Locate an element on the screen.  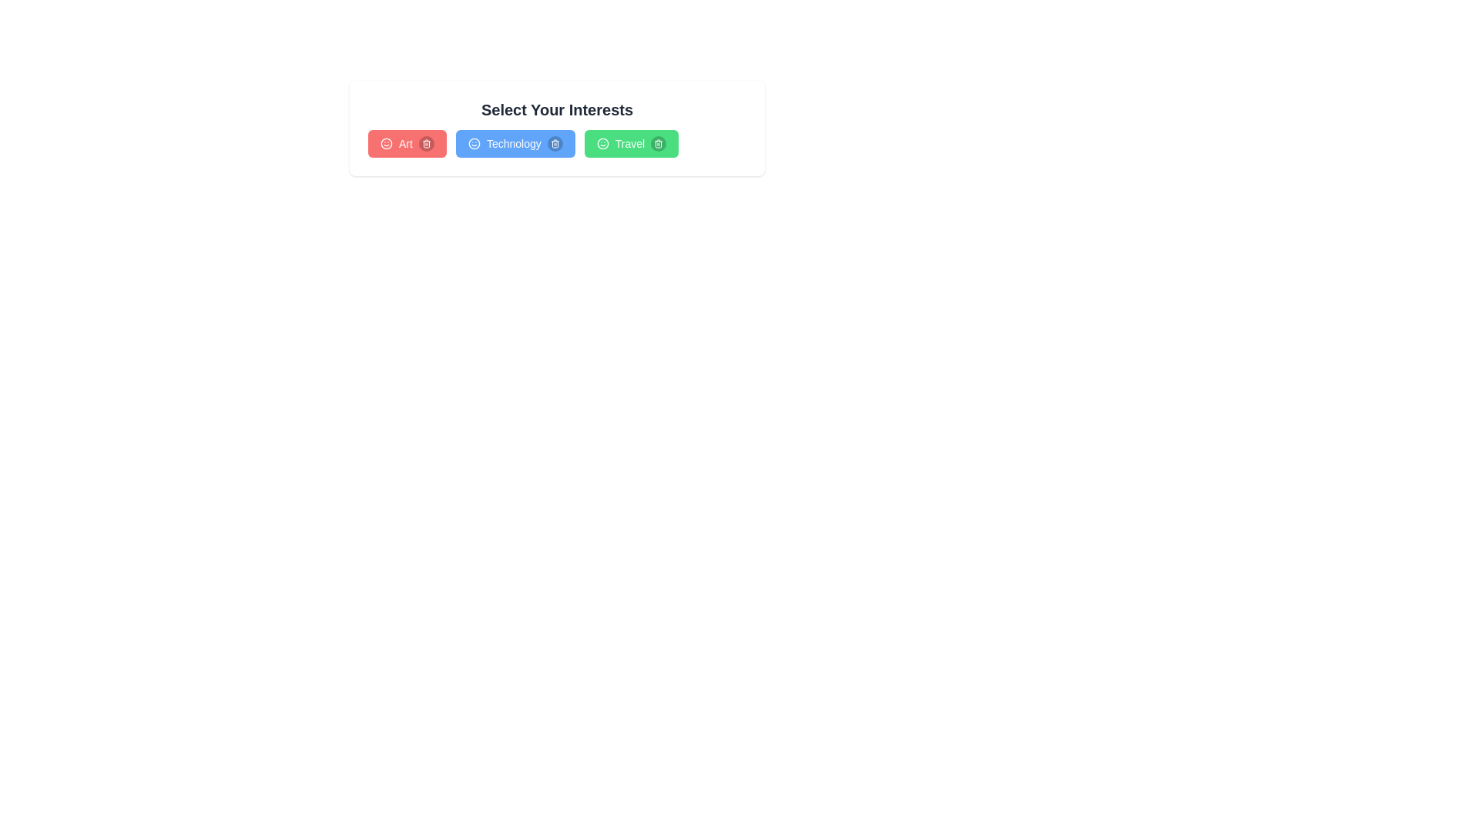
the interest Technology to observe its hover effect is located at coordinates (515, 143).